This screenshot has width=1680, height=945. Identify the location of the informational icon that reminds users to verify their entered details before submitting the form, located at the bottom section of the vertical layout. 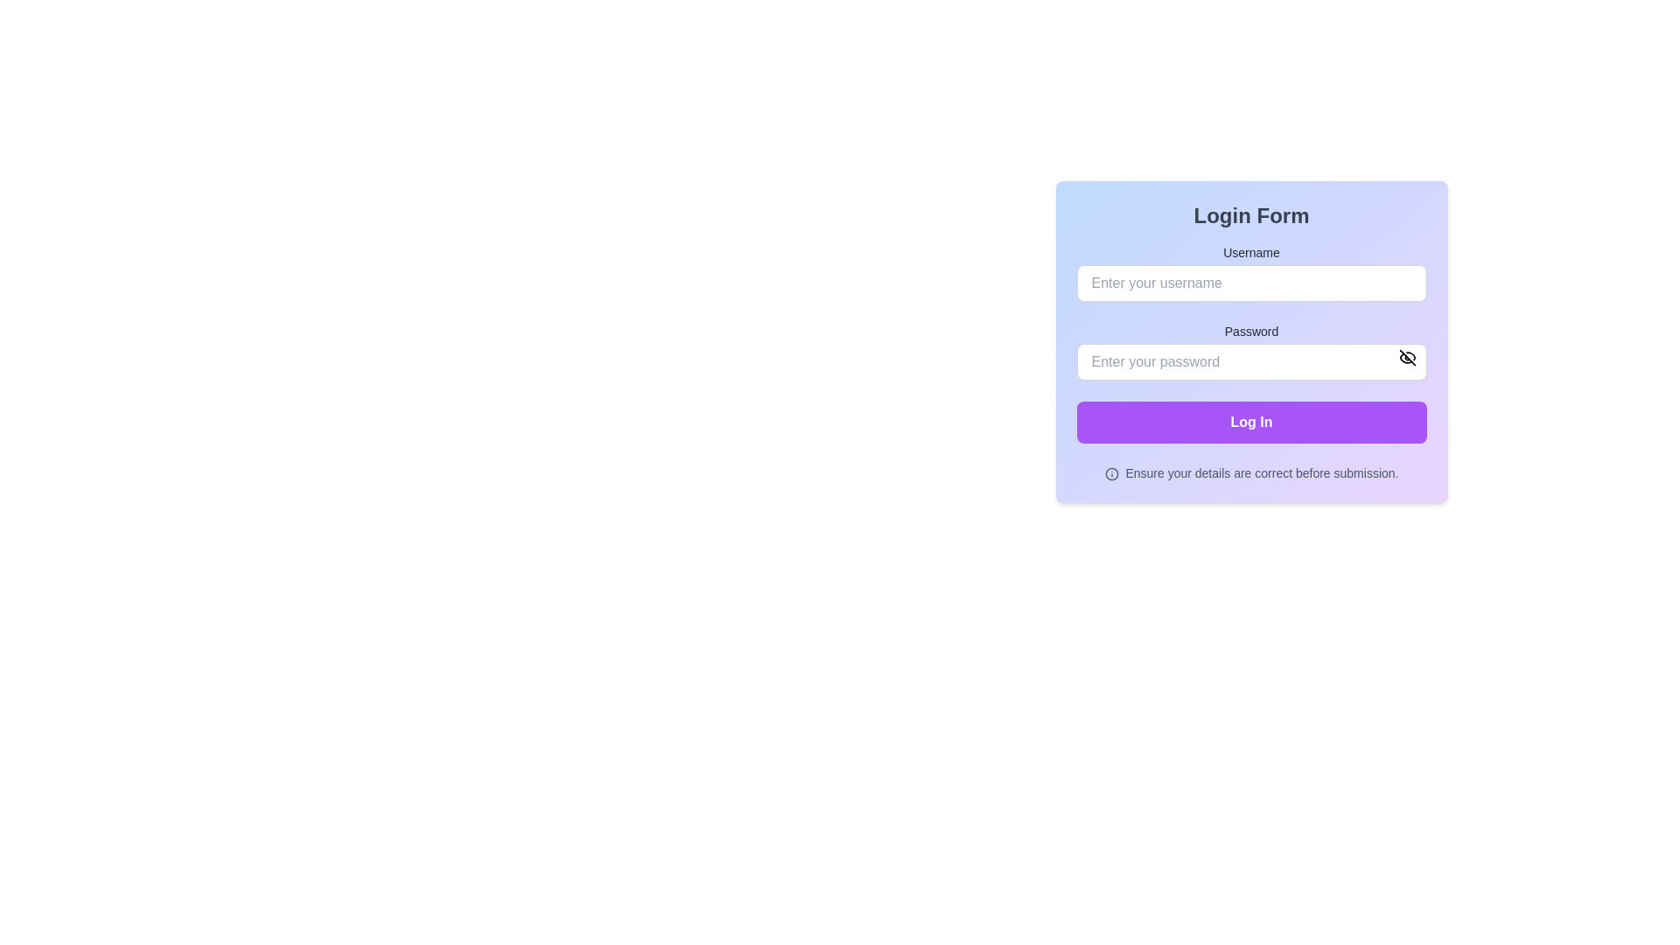
(1250, 472).